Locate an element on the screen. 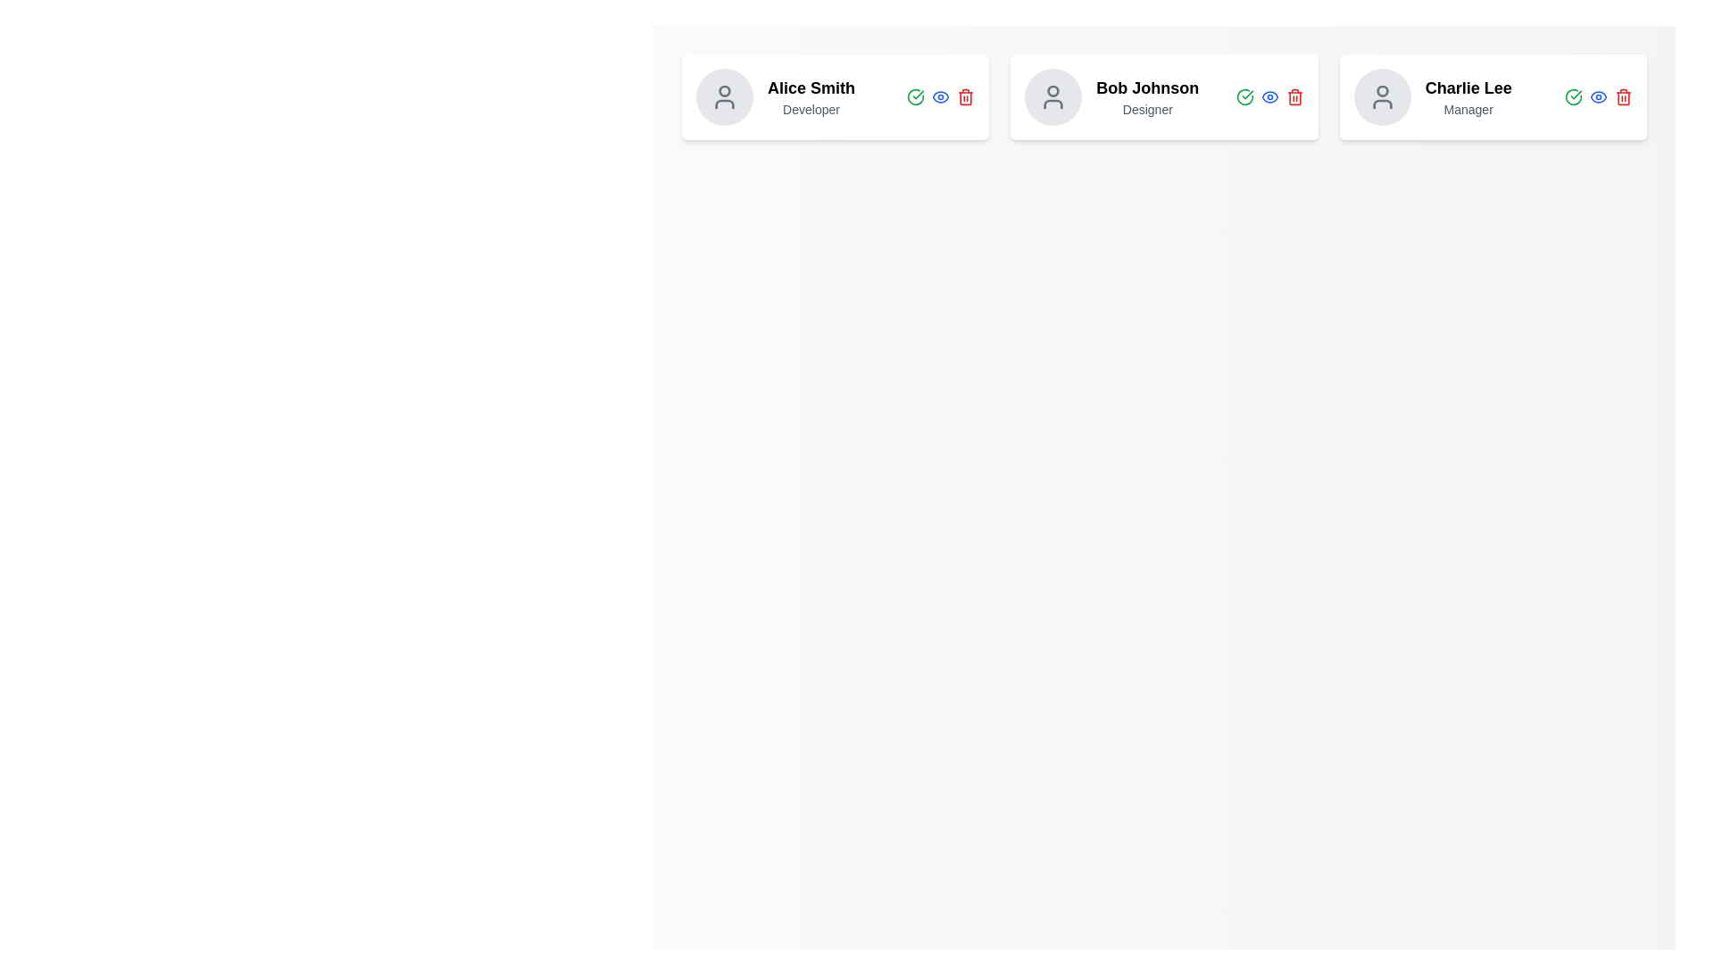 Image resolution: width=1714 pixels, height=964 pixels. the text label 'Charlie Lee', which is displayed prominently in bold at the top center of the interface card in the rightmost column is located at coordinates (1469, 88).